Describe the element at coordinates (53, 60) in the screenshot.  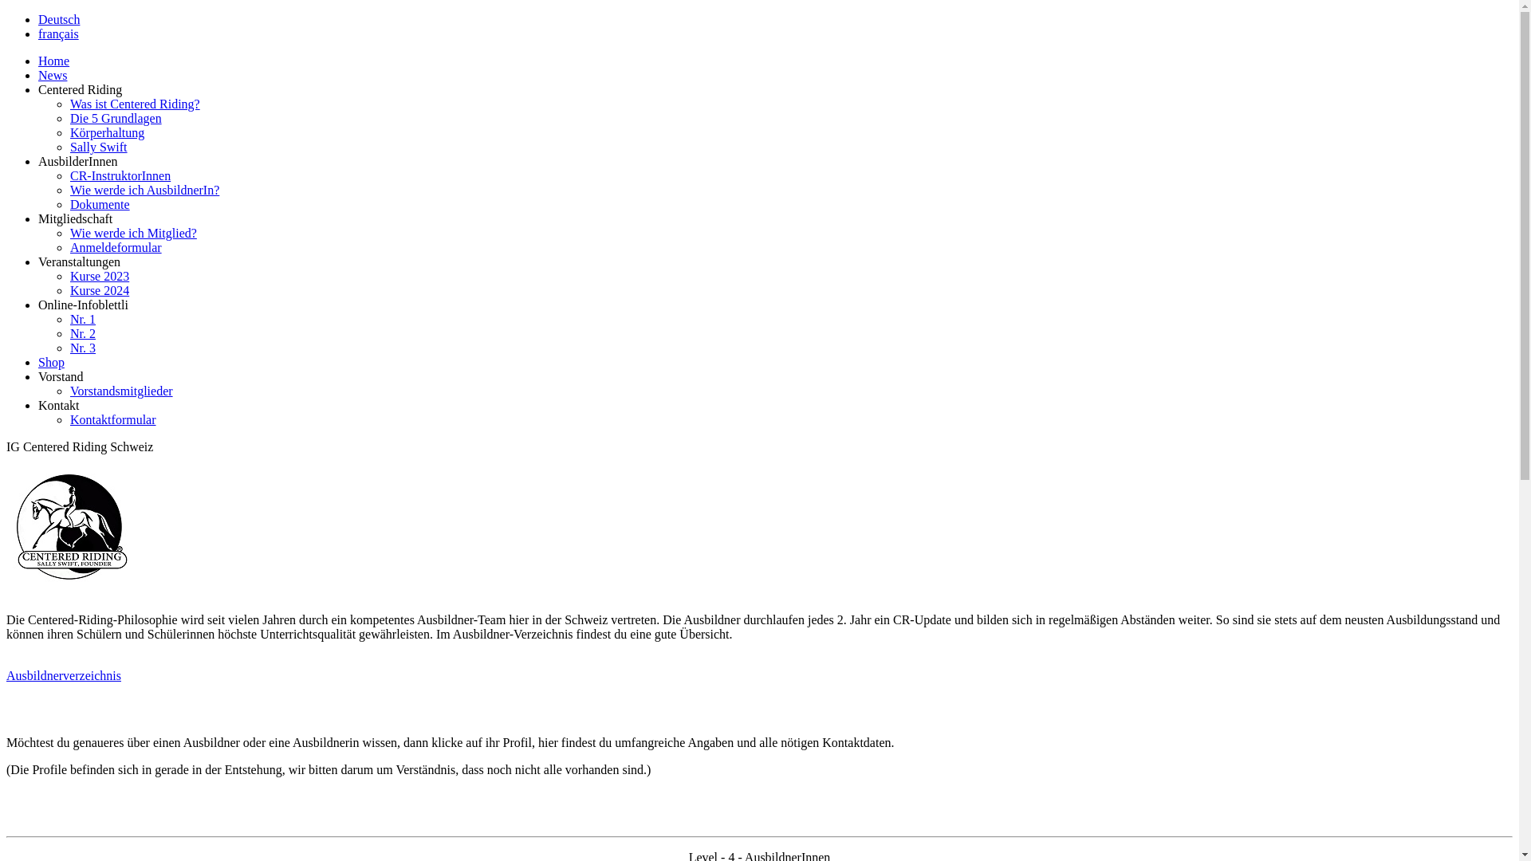
I see `'Home'` at that location.